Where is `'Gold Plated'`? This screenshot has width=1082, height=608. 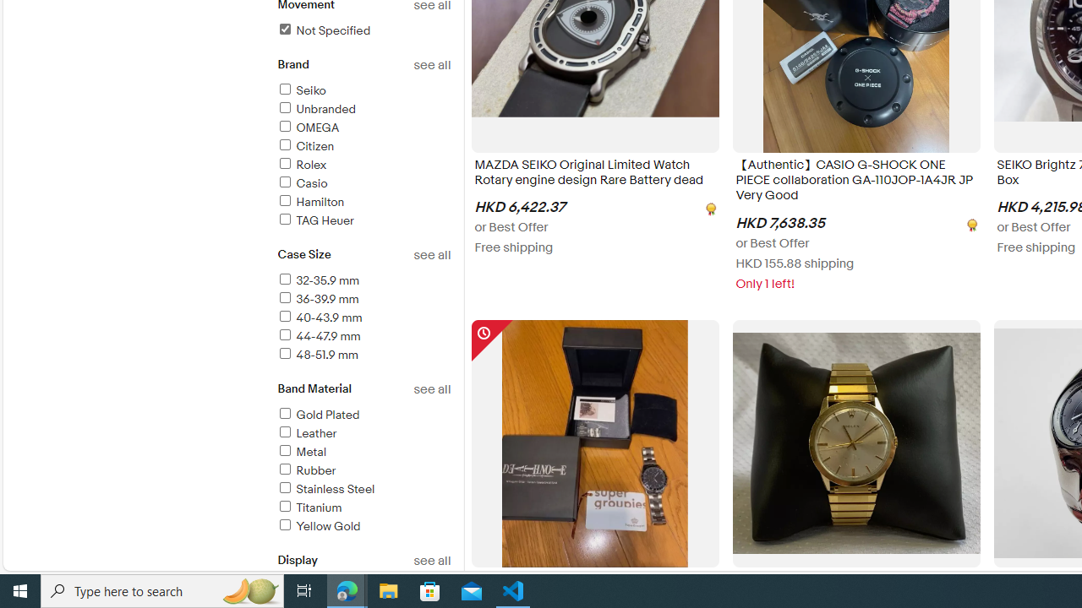
'Gold Plated' is located at coordinates (363, 415).